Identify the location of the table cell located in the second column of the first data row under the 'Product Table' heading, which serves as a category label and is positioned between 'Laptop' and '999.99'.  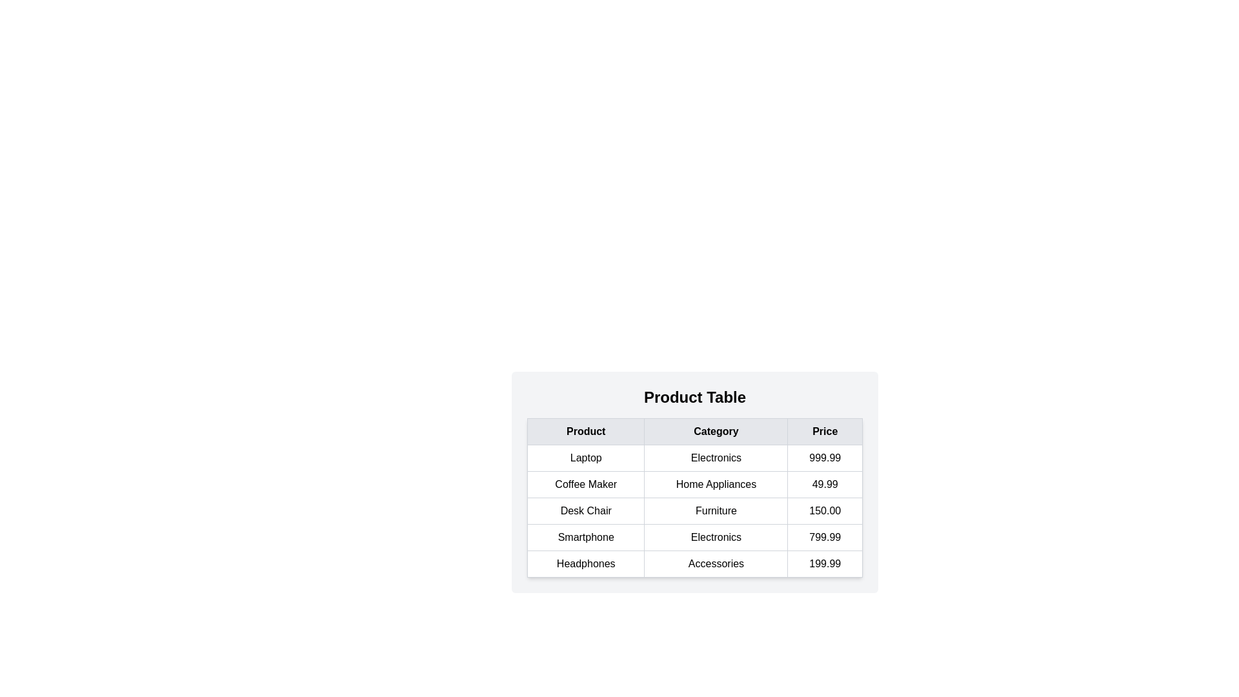
(694, 457).